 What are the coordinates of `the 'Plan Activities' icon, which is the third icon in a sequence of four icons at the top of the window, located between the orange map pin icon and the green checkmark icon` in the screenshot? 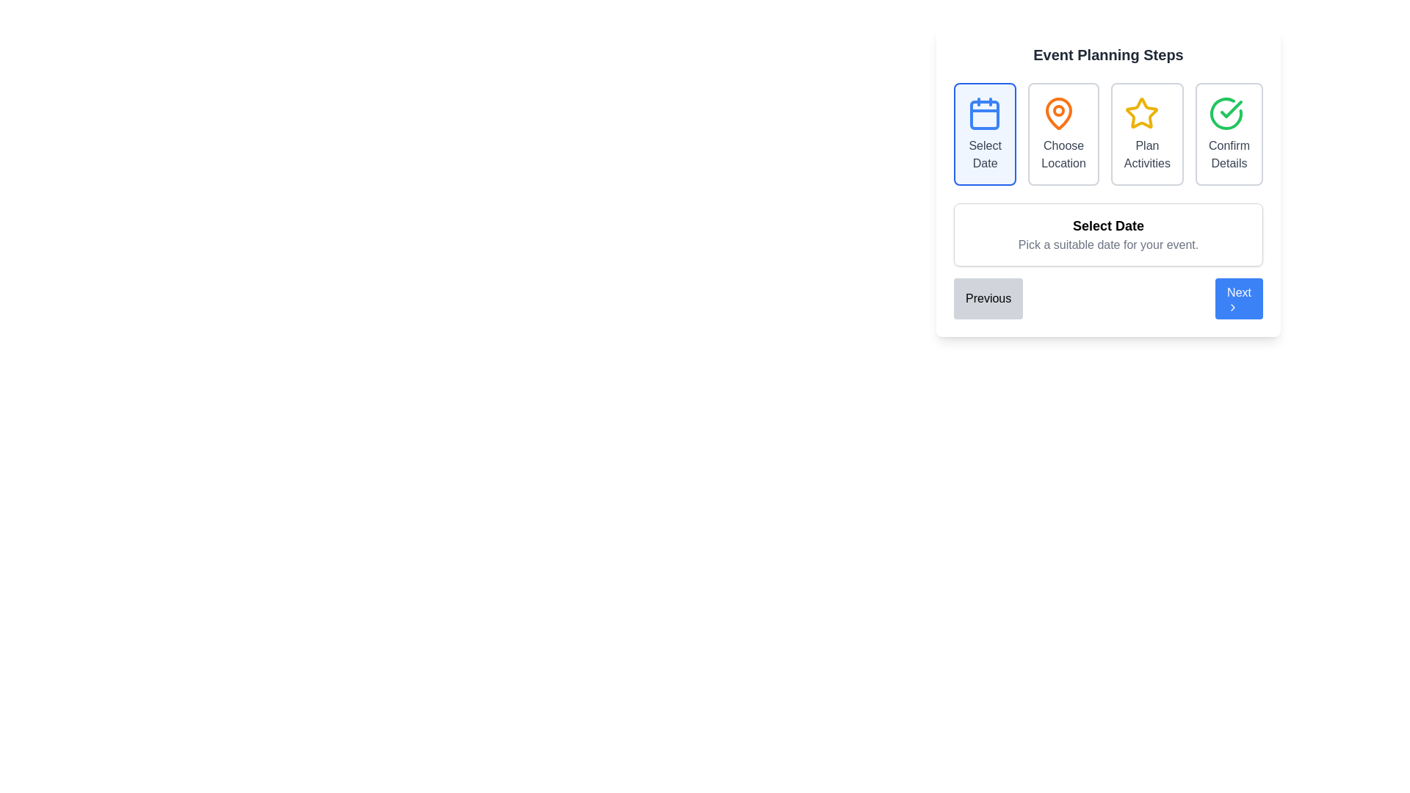 It's located at (1140, 112).